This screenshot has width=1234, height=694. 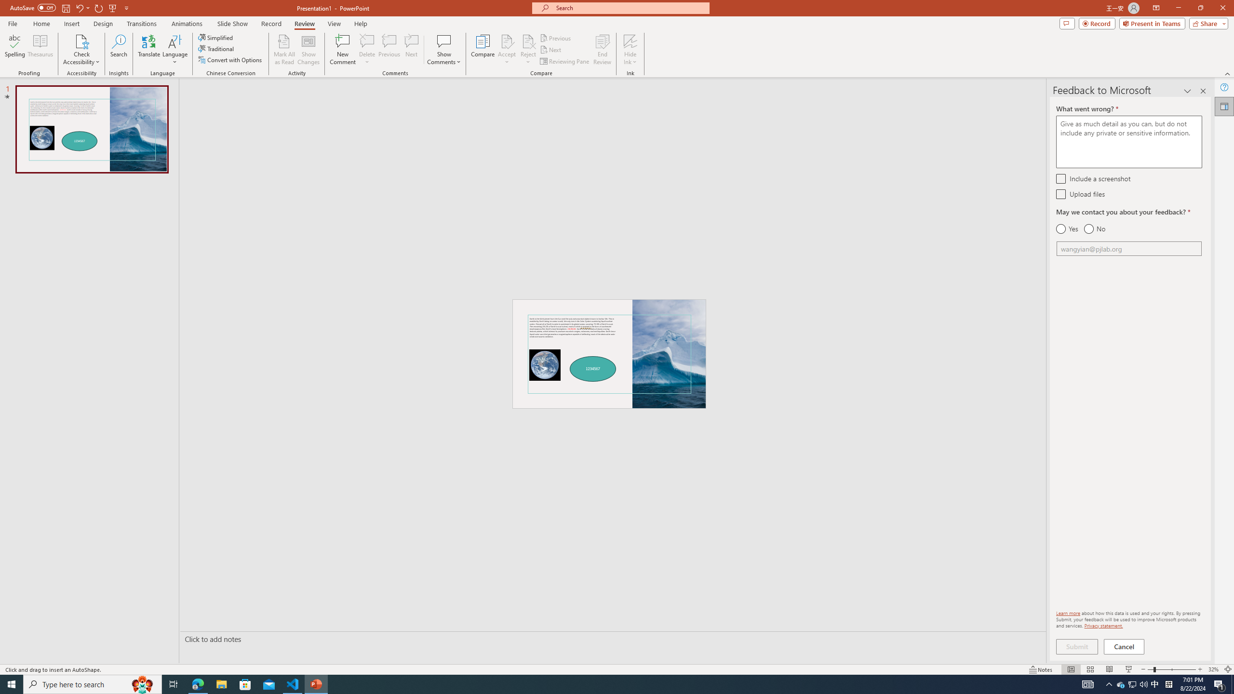 I want to click on 'Zoom 32%', so click(x=1213, y=669).